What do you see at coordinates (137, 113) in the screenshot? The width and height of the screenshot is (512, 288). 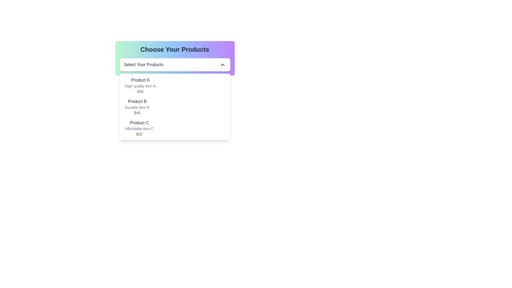 I see `the static text label displaying the value "$40" located below the "Durable item B" text in the "Product B" entry` at bounding box center [137, 113].